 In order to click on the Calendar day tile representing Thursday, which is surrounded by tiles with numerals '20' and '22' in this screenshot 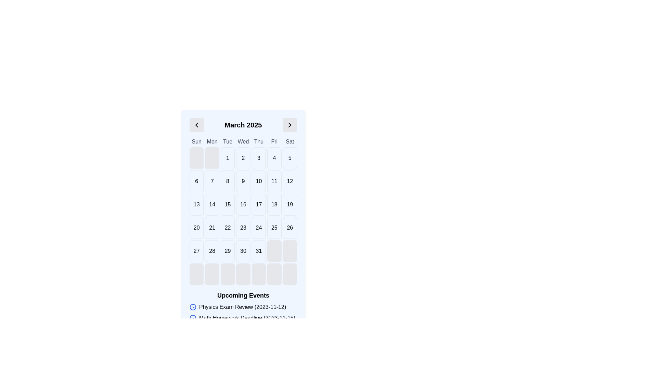, I will do `click(212, 228)`.